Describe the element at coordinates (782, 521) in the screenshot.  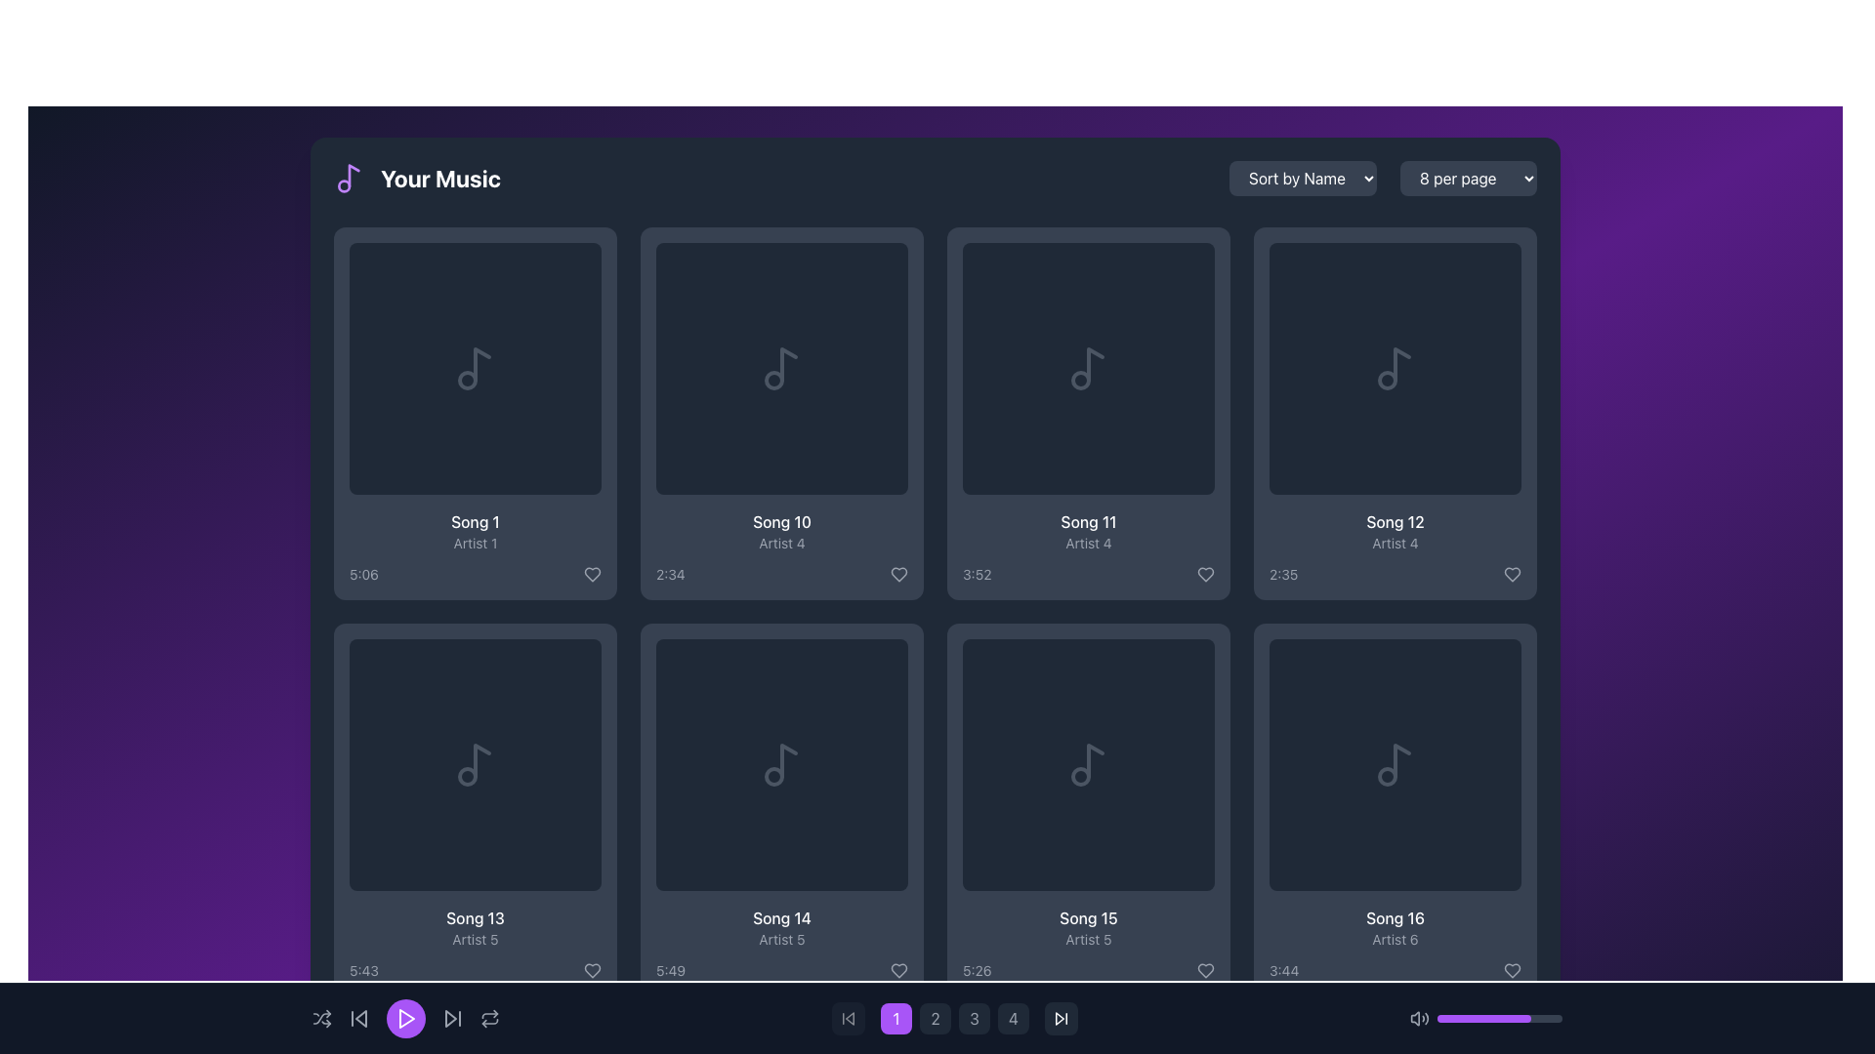
I see `text label displaying 'Song 10' which is located within the music item card in the second row and second column of the grid layout` at that location.